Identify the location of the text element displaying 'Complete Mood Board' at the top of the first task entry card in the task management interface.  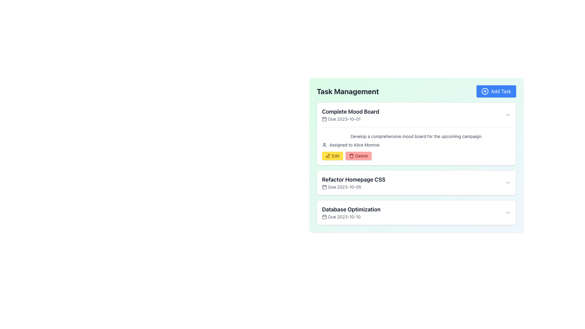
(350, 111).